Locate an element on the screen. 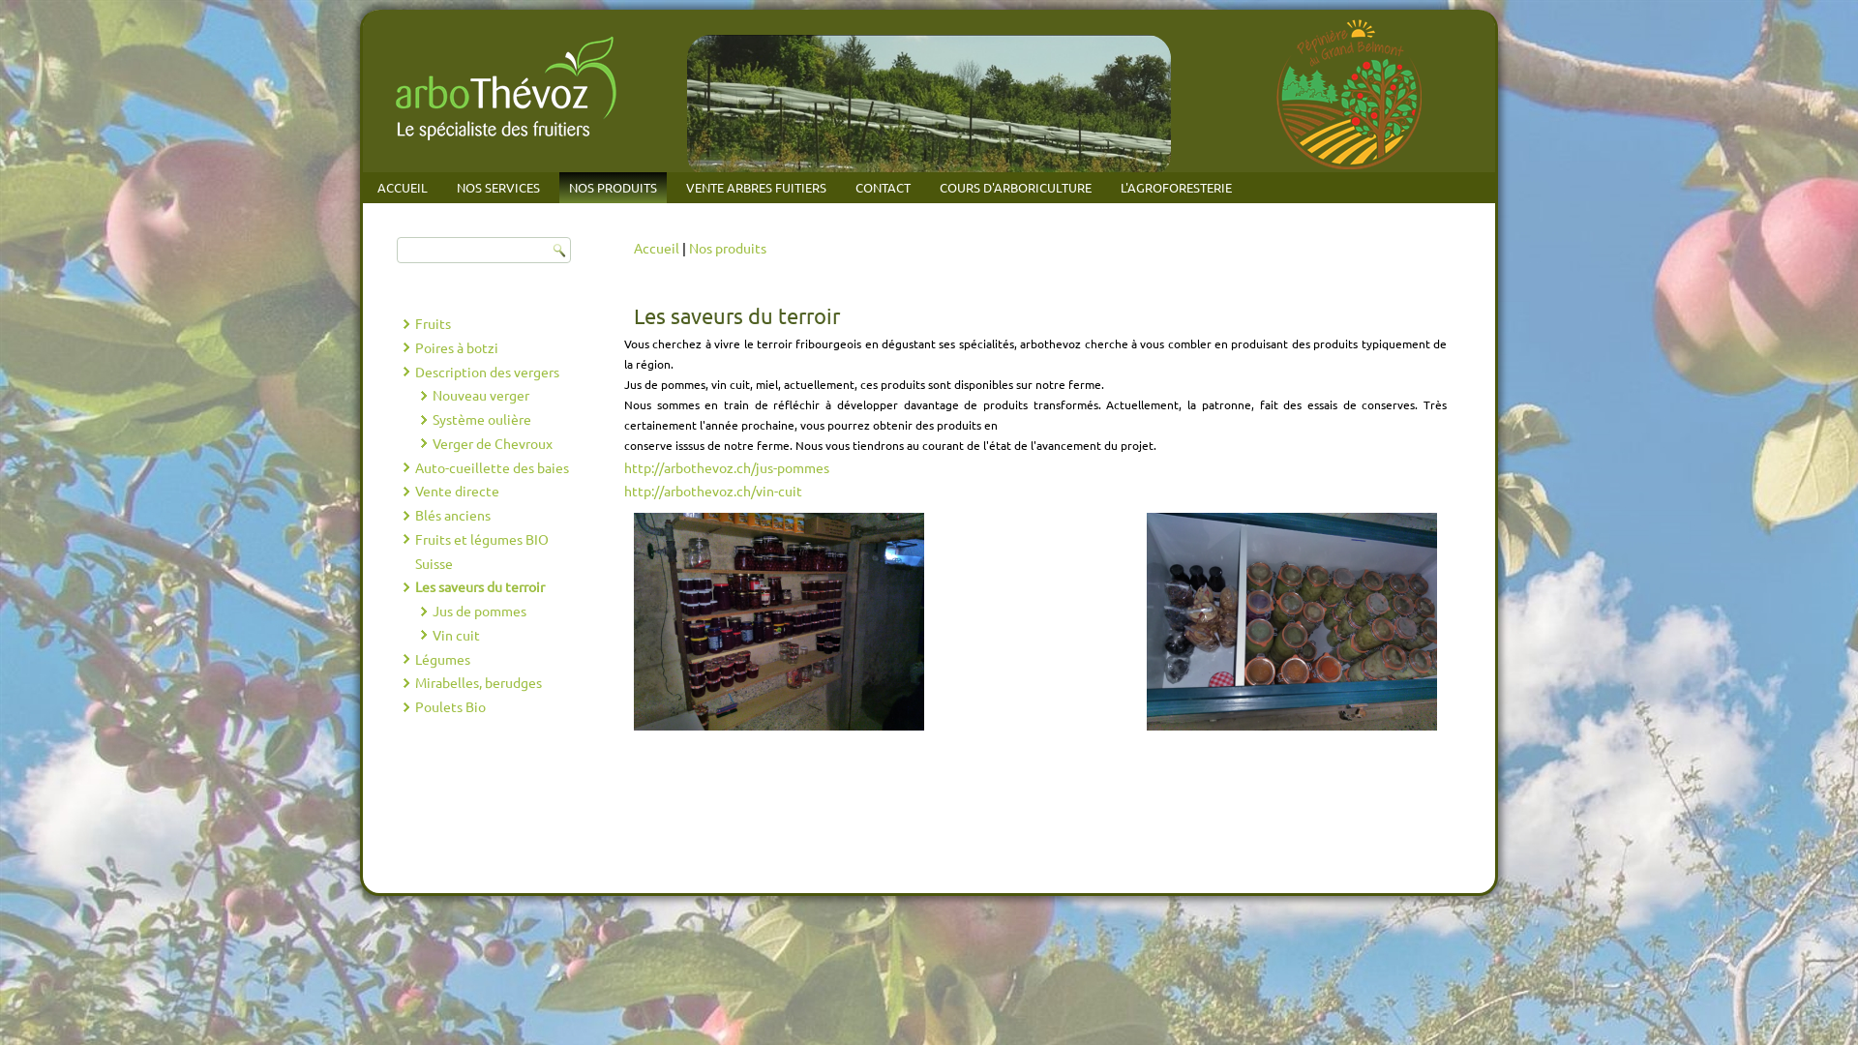 This screenshot has width=1858, height=1045. 'COURS D'ARBORICULTURE' is located at coordinates (929, 187).